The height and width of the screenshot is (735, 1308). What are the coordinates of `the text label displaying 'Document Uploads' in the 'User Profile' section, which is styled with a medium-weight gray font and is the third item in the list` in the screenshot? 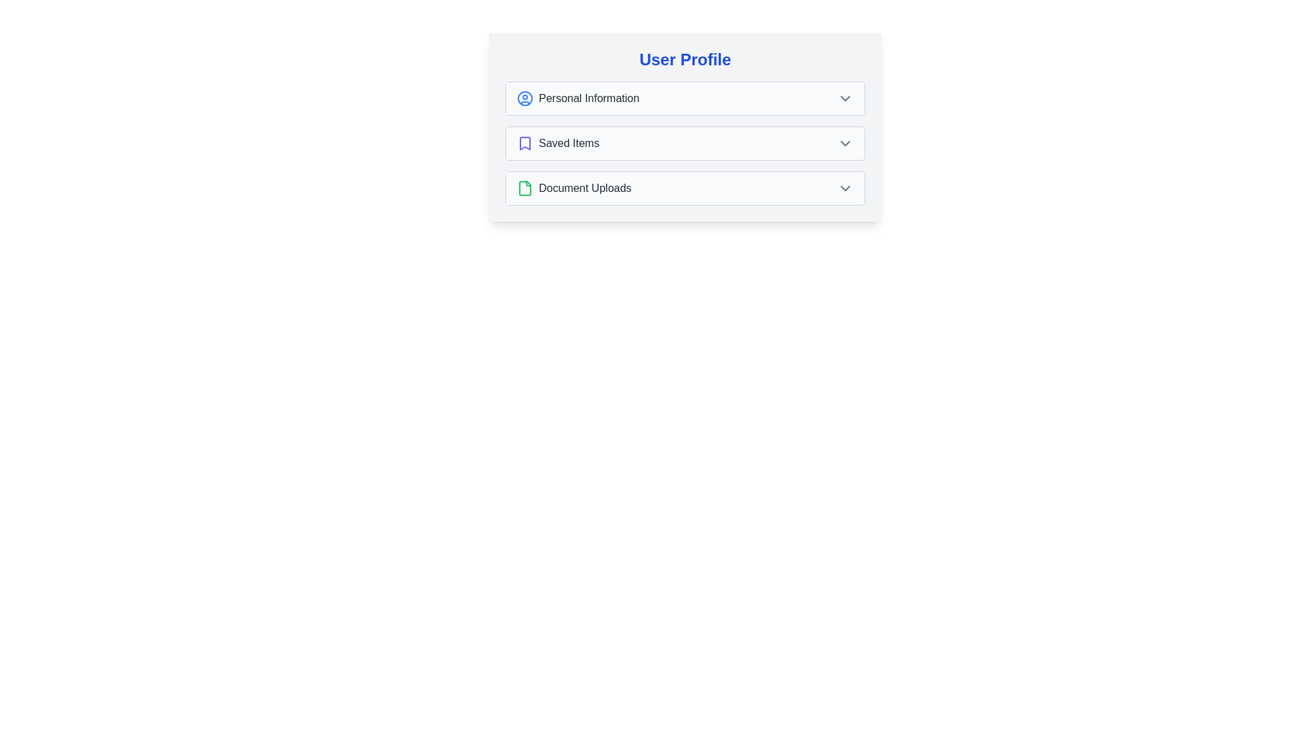 It's located at (585, 189).